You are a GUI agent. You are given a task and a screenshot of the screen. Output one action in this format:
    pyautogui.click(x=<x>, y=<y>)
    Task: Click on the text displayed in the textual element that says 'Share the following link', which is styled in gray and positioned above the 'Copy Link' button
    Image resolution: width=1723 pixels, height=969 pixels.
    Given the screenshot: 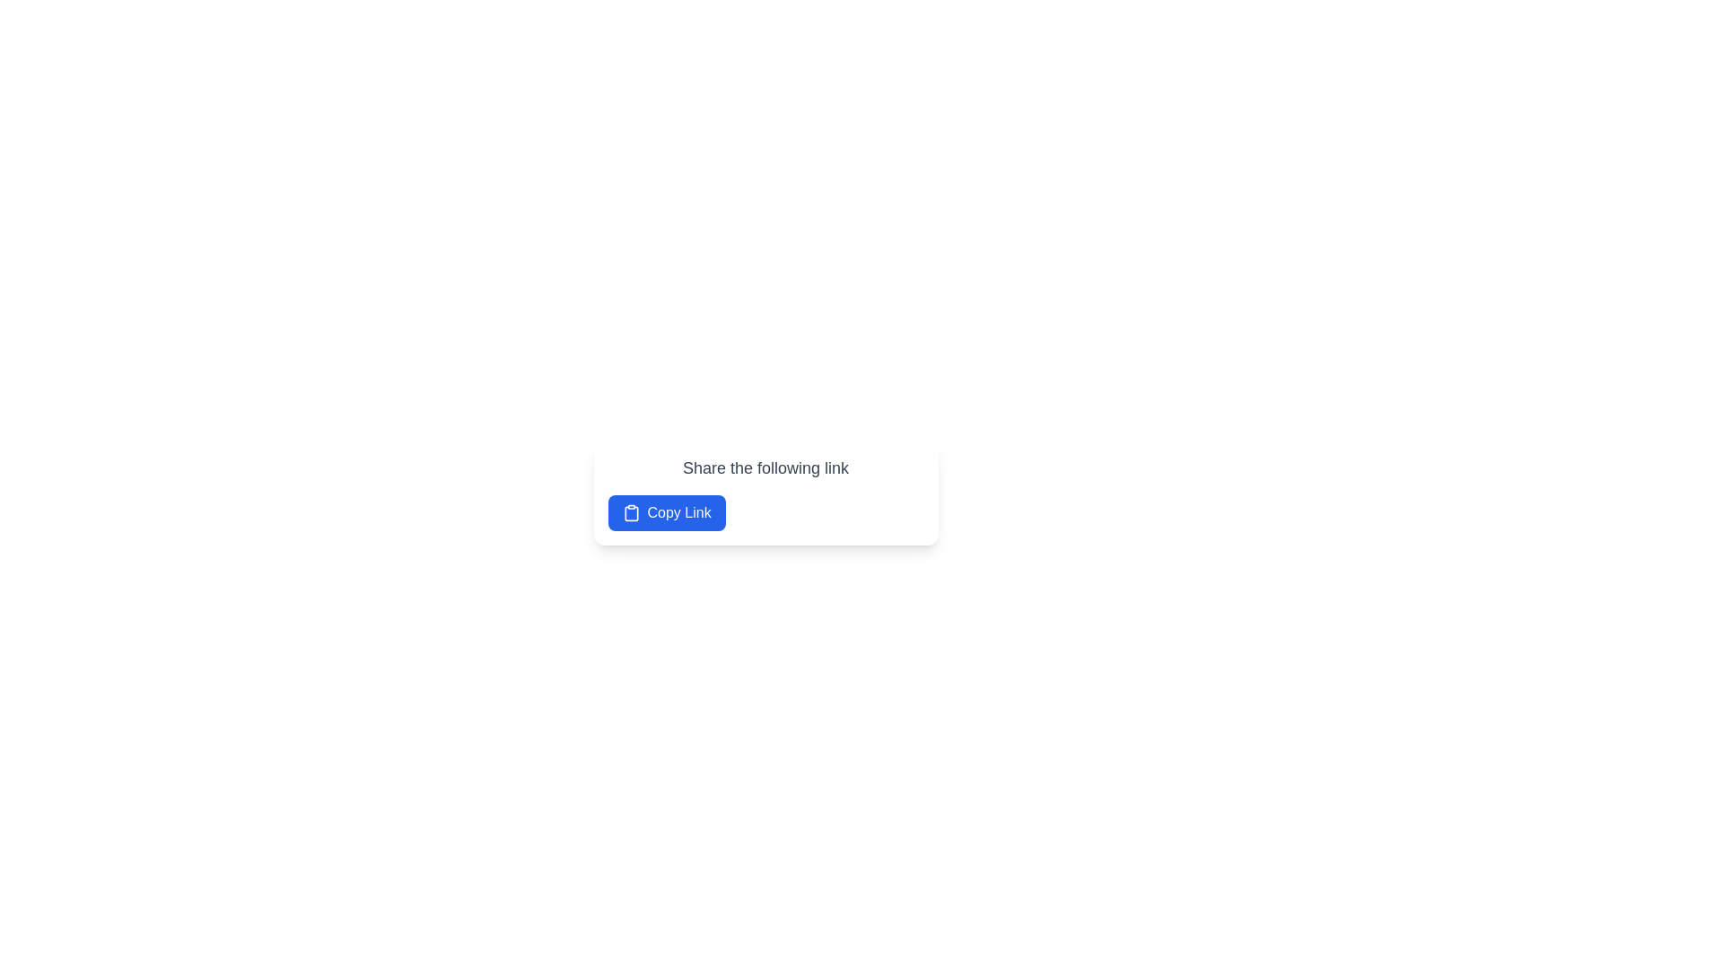 What is the action you would take?
    pyautogui.click(x=765, y=467)
    